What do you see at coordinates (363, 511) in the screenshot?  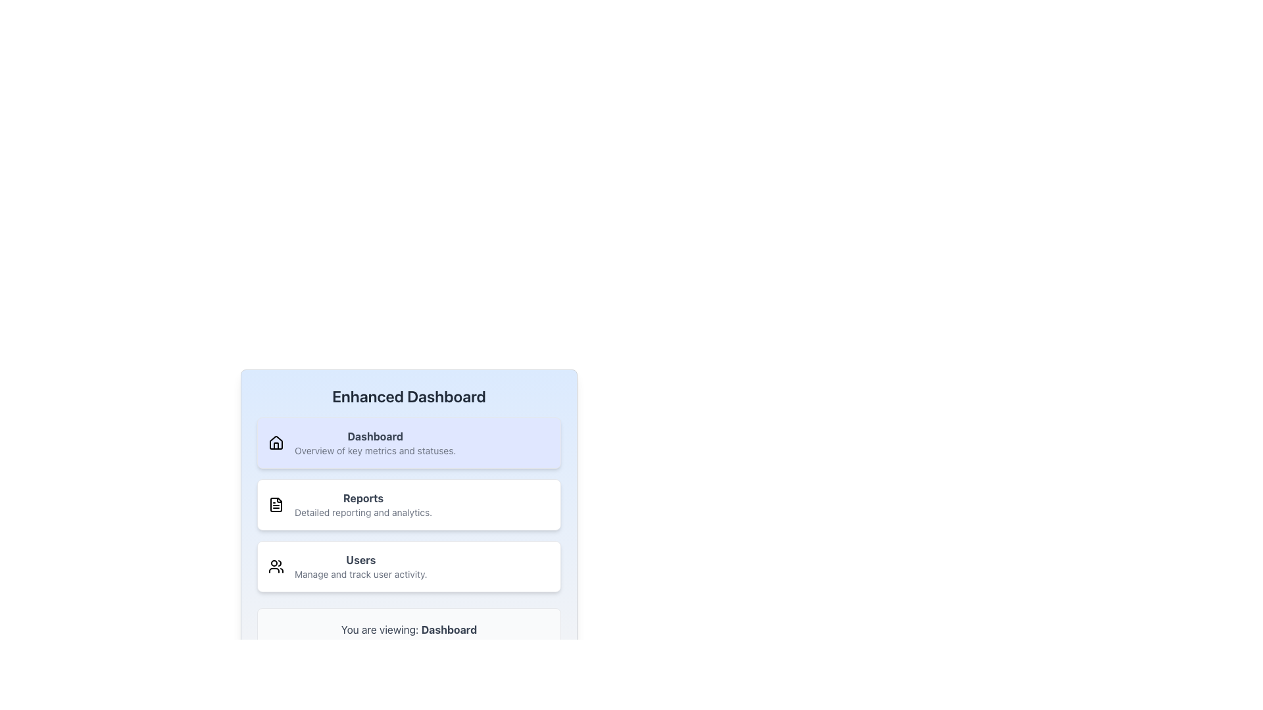 I see `the static text that describes the 'Reports' section, located directly underneath the bold heading 'Reports' in the second card of the interface` at bounding box center [363, 511].